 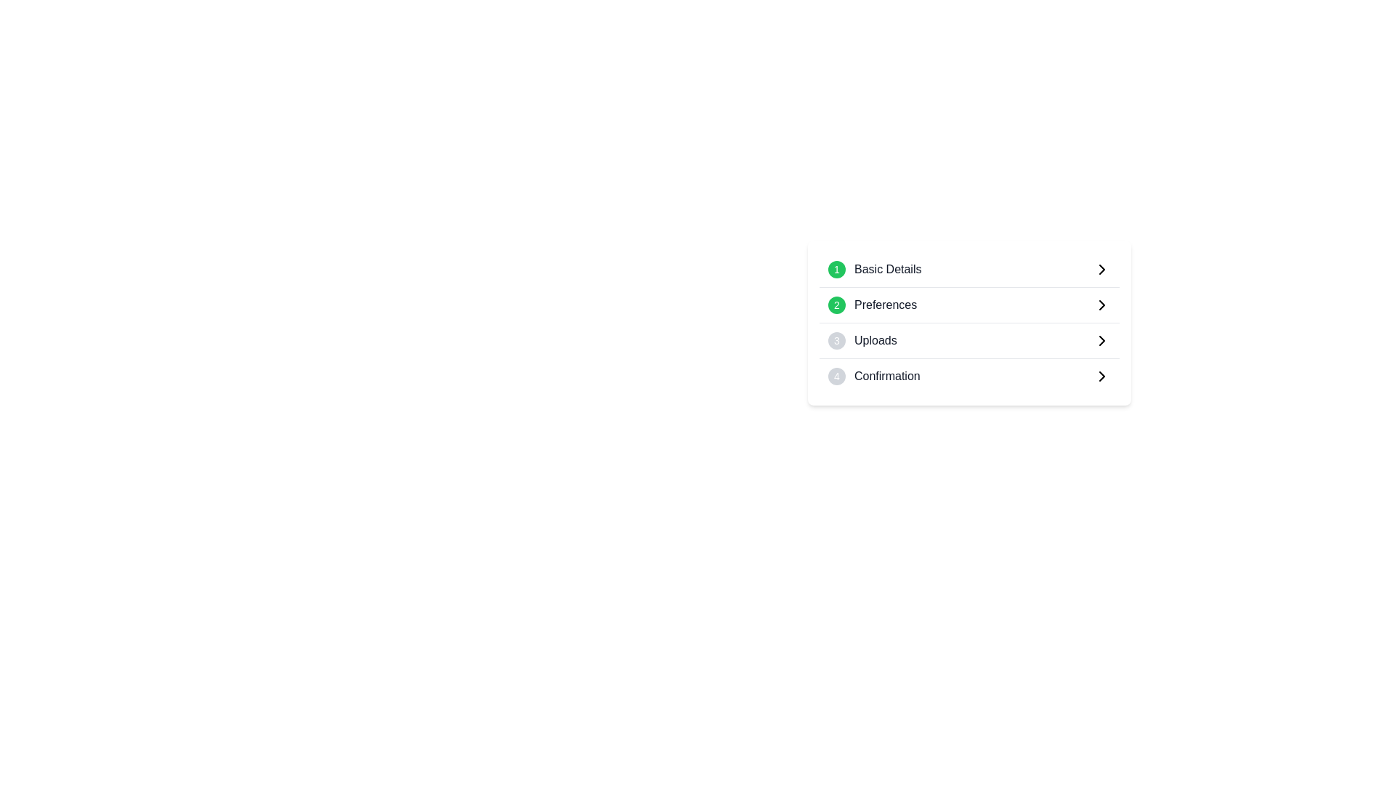 I want to click on the third item in the vertical list, which serves as a navigation link to the 'Uploads' section, so click(x=969, y=341).